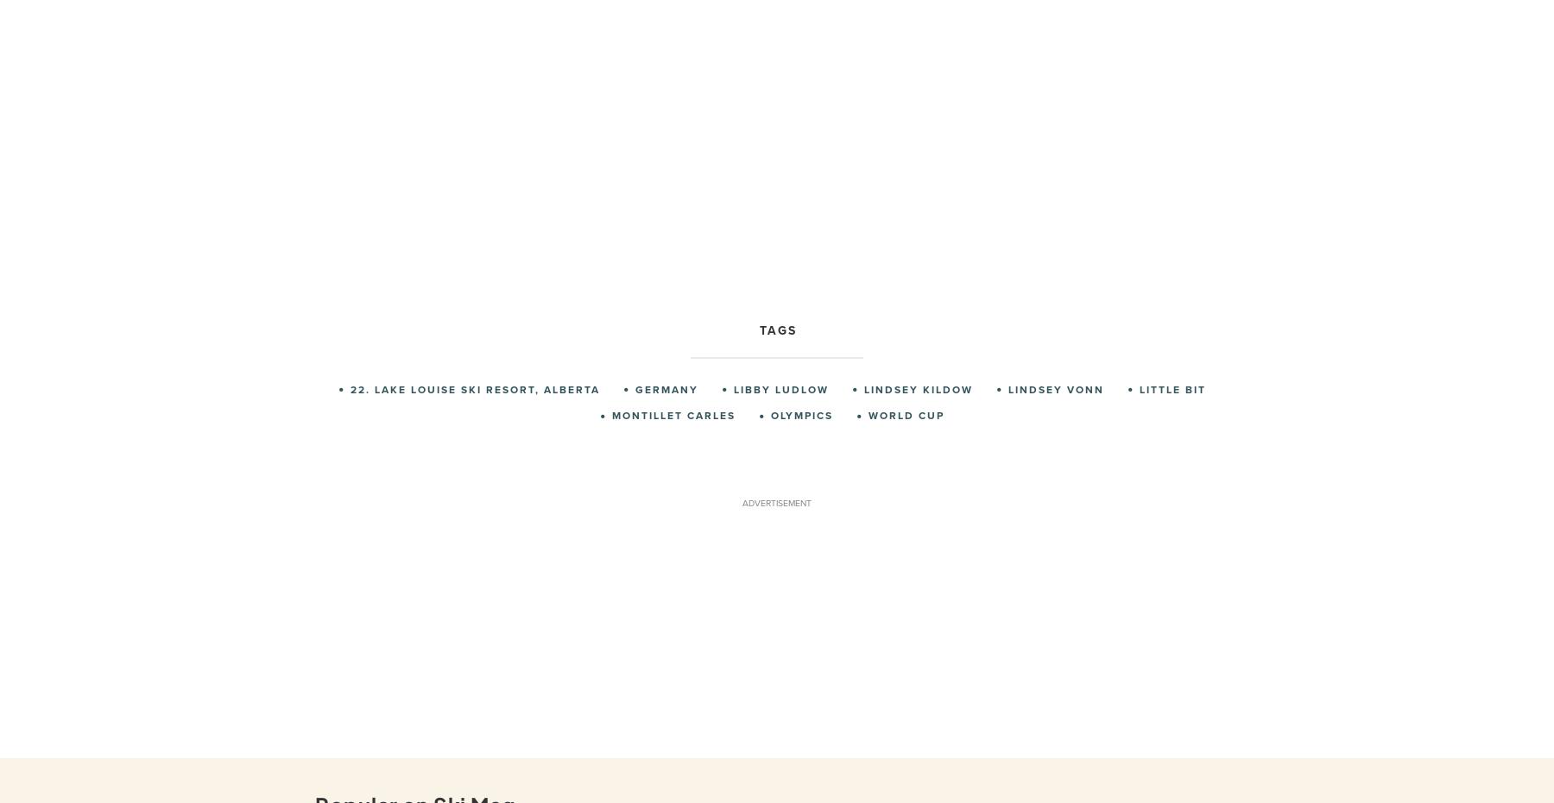 The width and height of the screenshot is (1554, 803). What do you see at coordinates (777, 329) in the screenshot?
I see `'Tags'` at bounding box center [777, 329].